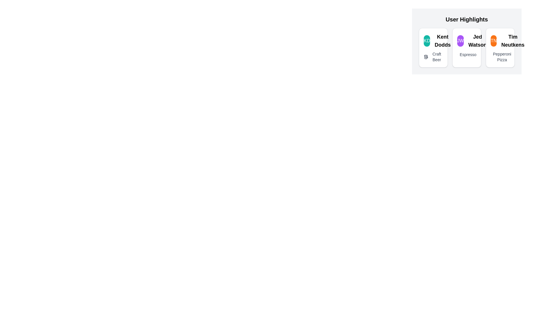 The height and width of the screenshot is (309, 549). Describe the element at coordinates (500, 57) in the screenshot. I see `the Text label that provides information related to 'Tim Neutkens', located in the user highlights section of the rightmost card` at that location.